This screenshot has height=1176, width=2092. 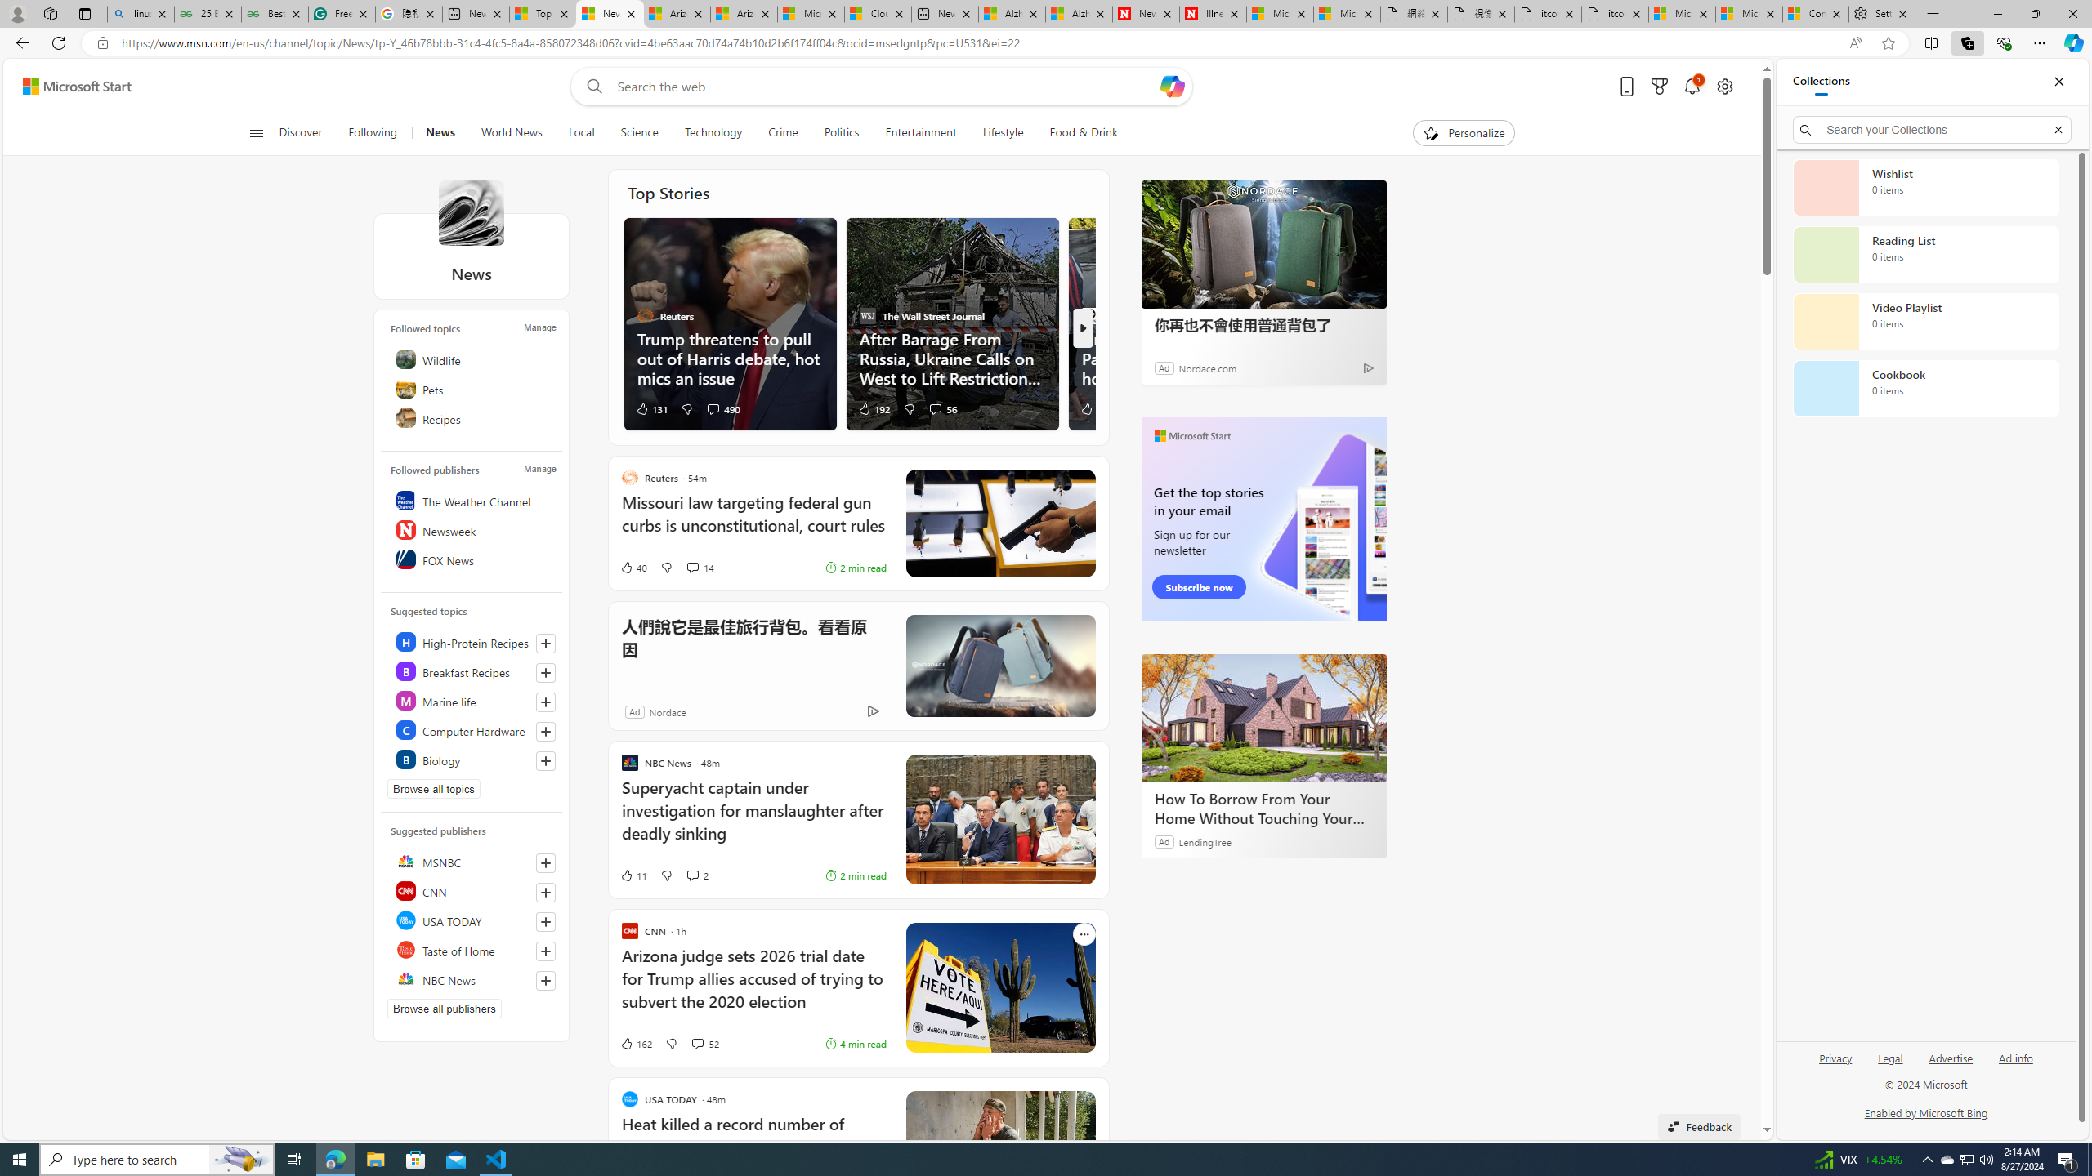 What do you see at coordinates (692, 566) in the screenshot?
I see `'View comments 14 Comment'` at bounding box center [692, 566].